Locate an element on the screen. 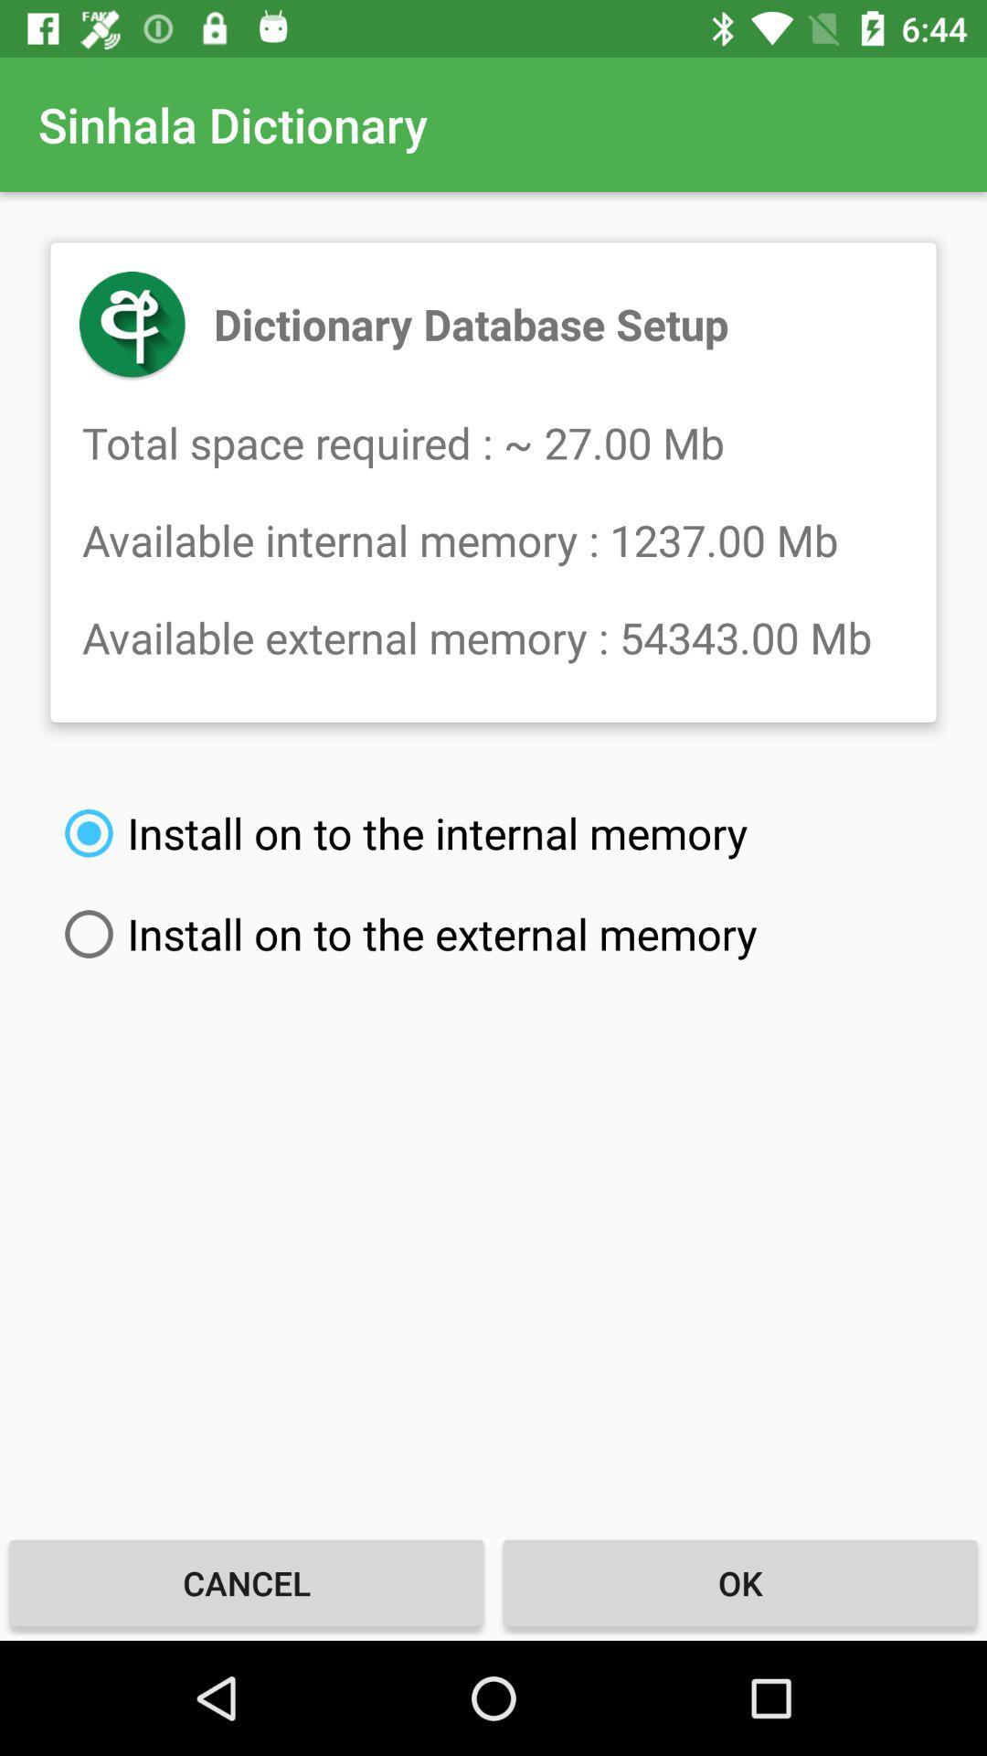 This screenshot has height=1756, width=987. the item below the install on to is located at coordinates (247, 1582).